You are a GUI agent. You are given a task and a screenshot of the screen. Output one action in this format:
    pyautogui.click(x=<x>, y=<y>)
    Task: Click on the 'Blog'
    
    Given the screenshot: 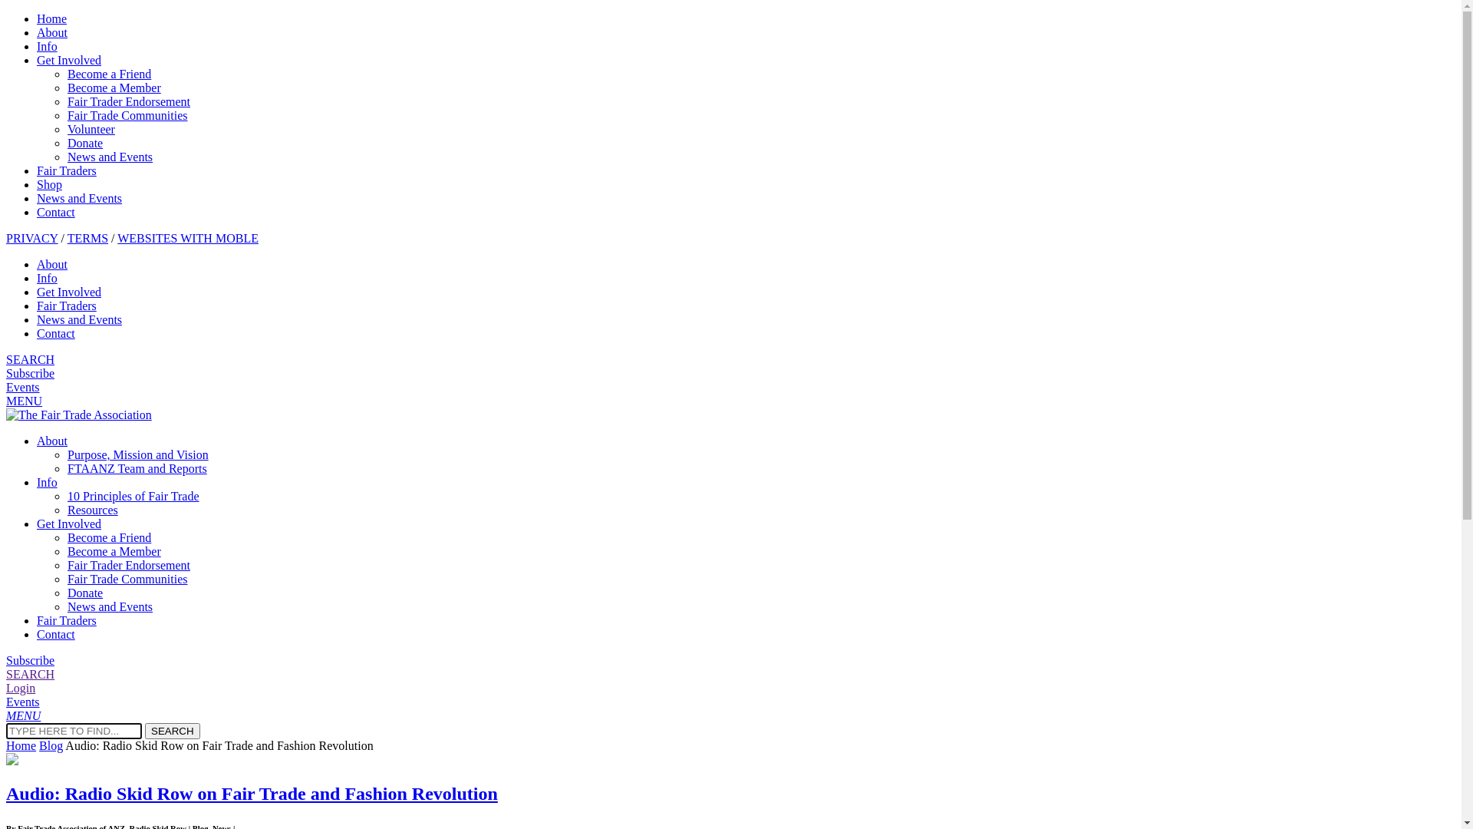 What is the action you would take?
    pyautogui.click(x=51, y=745)
    